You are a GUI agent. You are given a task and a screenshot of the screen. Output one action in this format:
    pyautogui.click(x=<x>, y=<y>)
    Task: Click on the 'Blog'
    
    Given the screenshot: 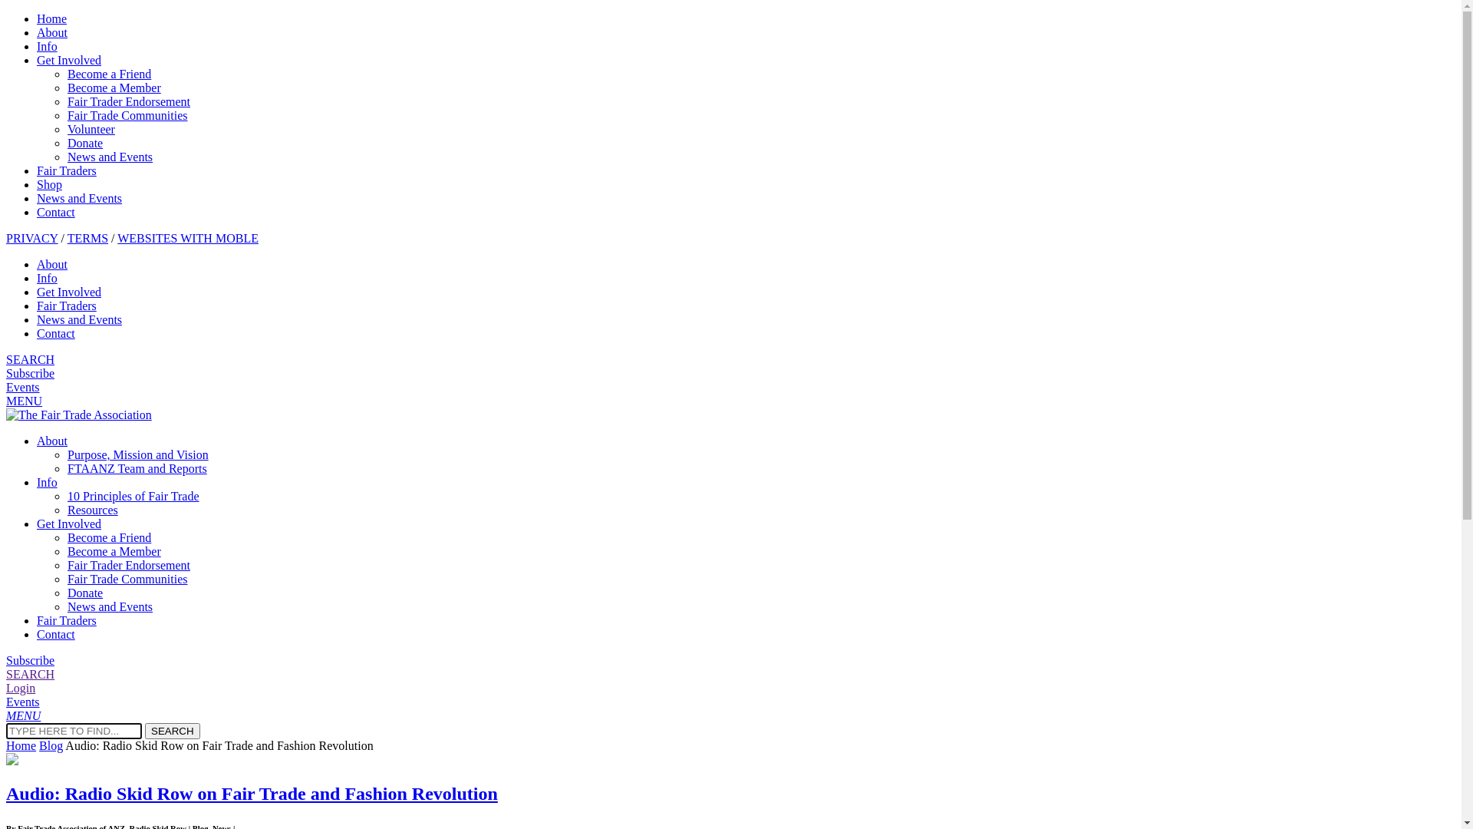 What is the action you would take?
    pyautogui.click(x=51, y=745)
    